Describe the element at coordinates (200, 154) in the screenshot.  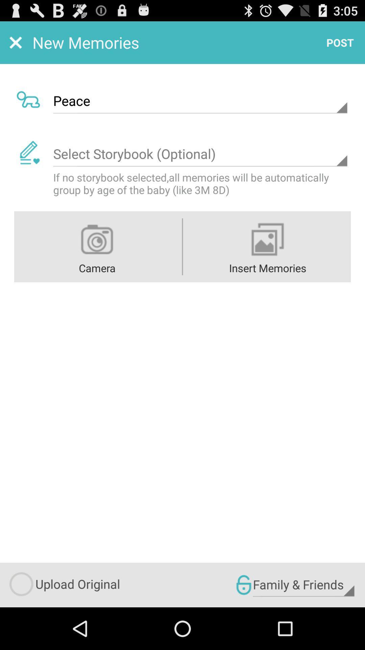
I see `text box` at that location.